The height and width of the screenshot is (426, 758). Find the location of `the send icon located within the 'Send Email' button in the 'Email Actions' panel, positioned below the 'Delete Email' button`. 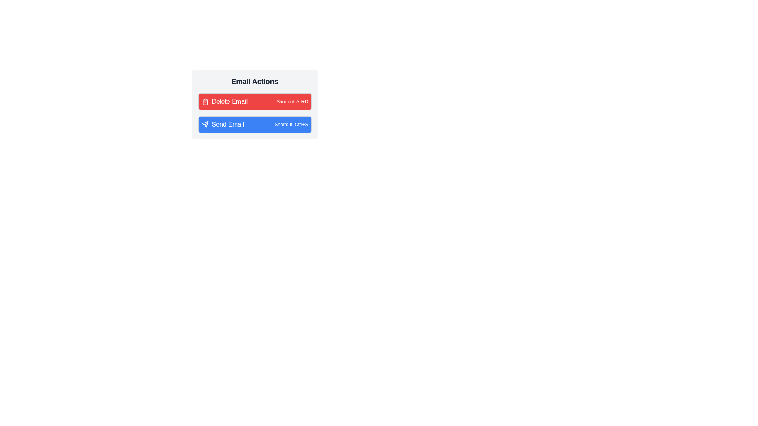

the send icon located within the 'Send Email' button in the 'Email Actions' panel, positioned below the 'Delete Email' button is located at coordinates (205, 124).